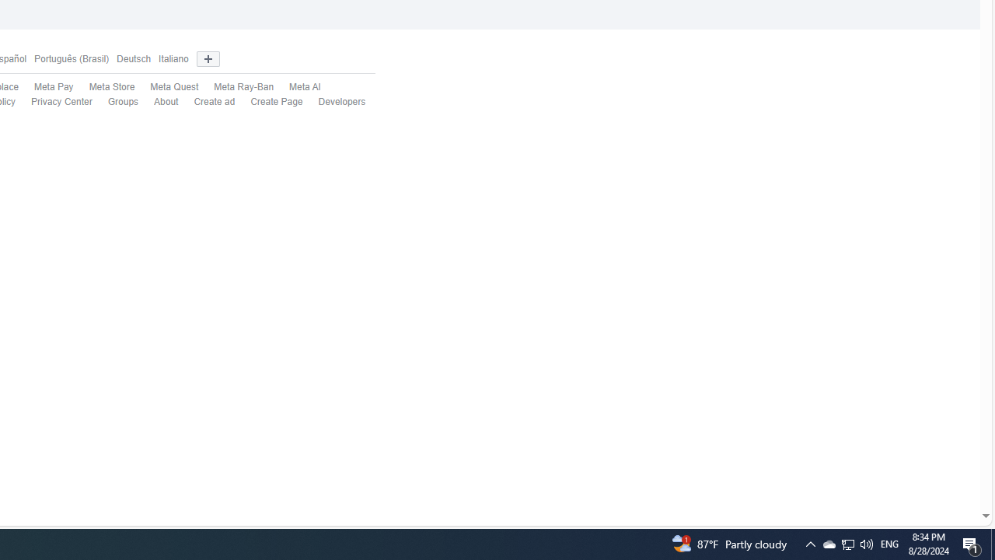  Describe the element at coordinates (305, 87) in the screenshot. I see `'Meta AI'` at that location.